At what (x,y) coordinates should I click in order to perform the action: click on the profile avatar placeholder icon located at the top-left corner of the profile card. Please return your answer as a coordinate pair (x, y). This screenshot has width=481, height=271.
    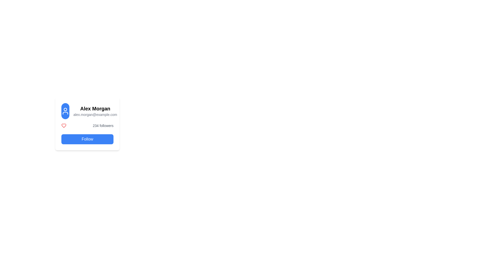
    Looking at the image, I should click on (65, 111).